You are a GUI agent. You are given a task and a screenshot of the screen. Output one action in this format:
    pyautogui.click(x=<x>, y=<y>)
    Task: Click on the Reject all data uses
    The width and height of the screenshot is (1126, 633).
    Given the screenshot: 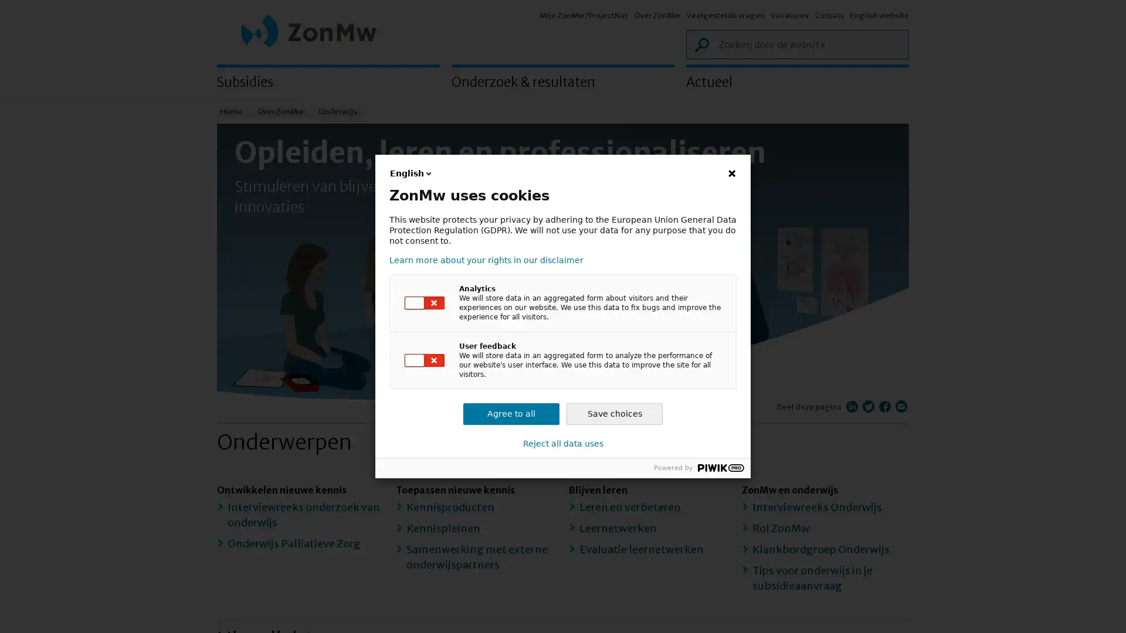 What is the action you would take?
    pyautogui.click(x=562, y=443)
    